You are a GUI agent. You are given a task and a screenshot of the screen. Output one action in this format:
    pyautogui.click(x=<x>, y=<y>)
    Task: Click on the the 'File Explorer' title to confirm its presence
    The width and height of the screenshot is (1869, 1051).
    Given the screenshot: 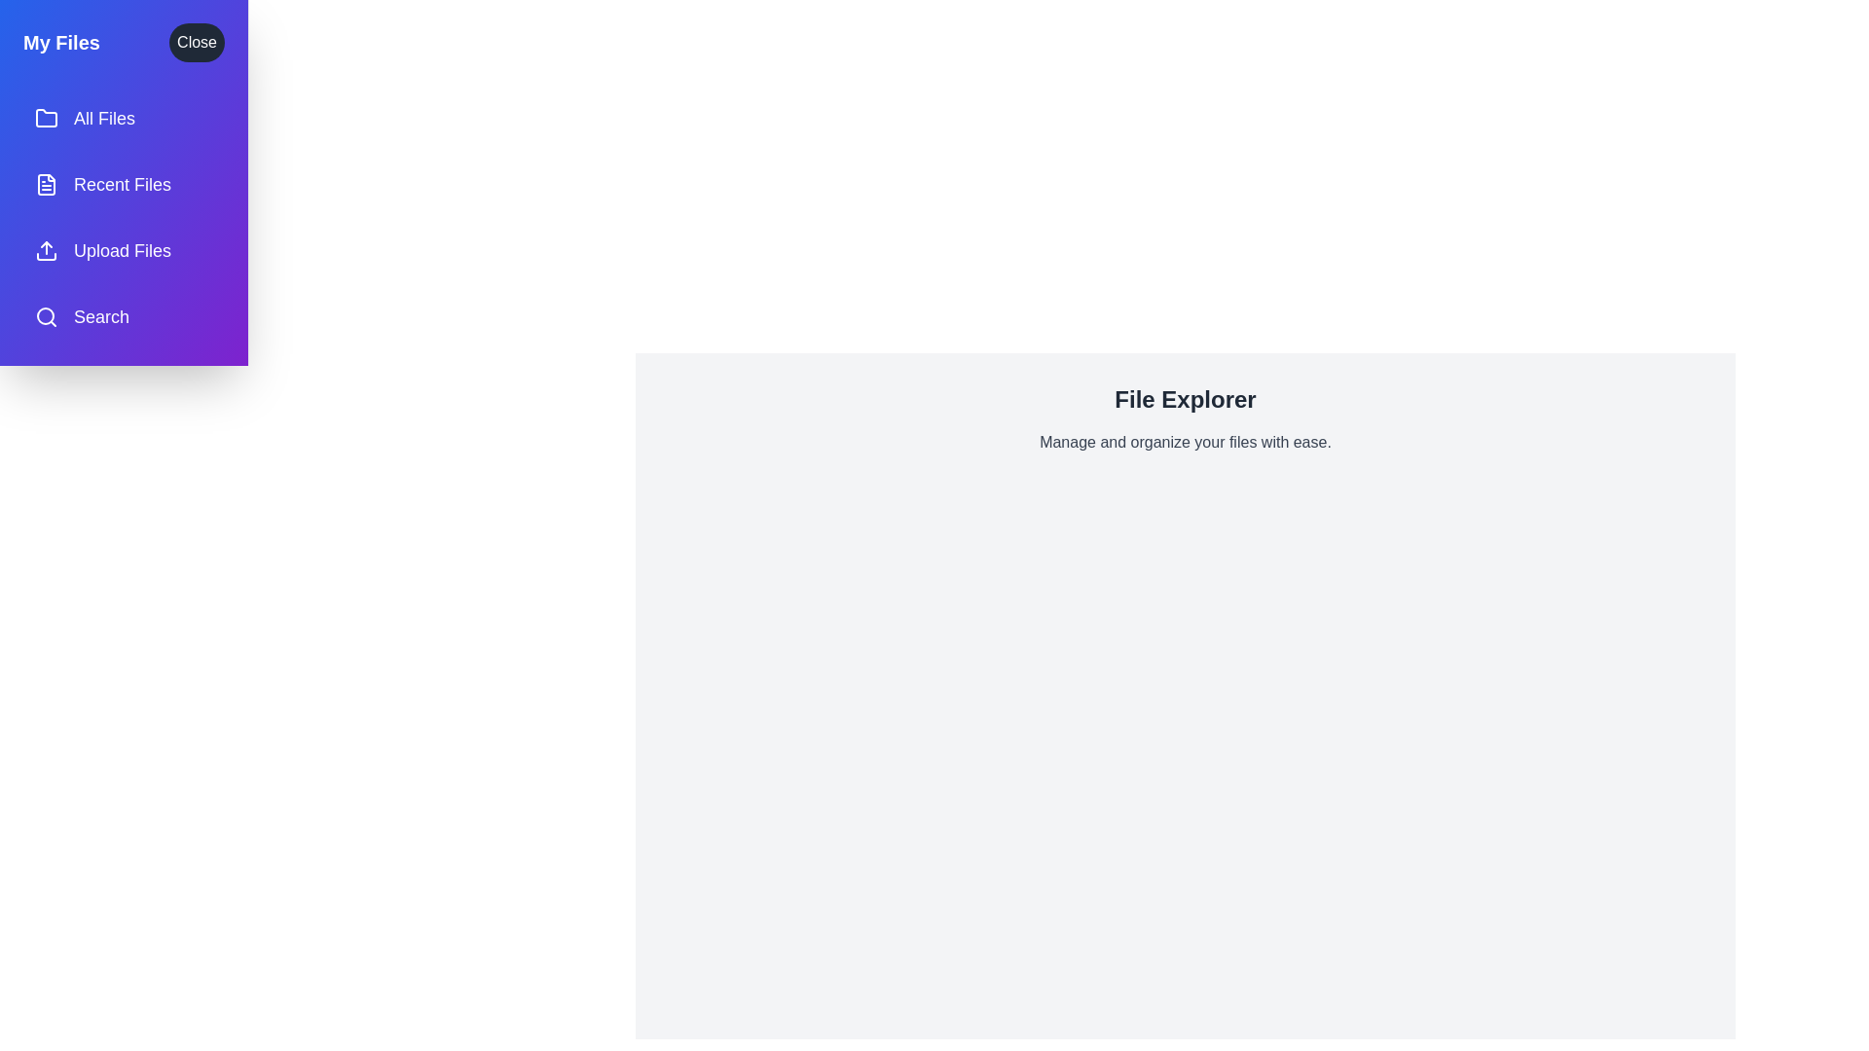 What is the action you would take?
    pyautogui.click(x=1185, y=399)
    